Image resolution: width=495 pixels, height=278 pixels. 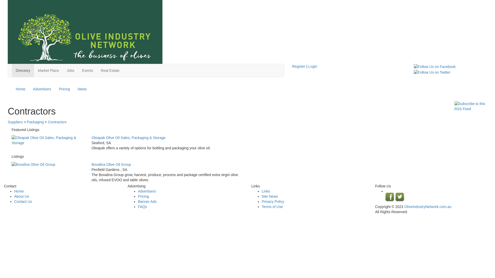 What do you see at coordinates (48, 70) in the screenshot?
I see `'Market Place'` at bounding box center [48, 70].